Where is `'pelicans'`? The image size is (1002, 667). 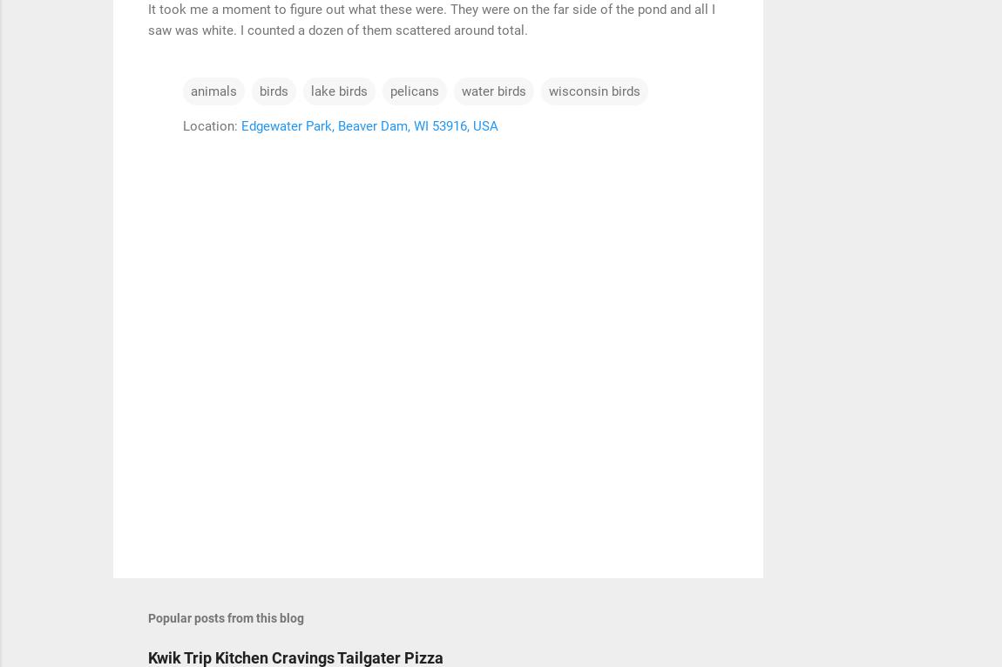
'pelicans' is located at coordinates (414, 90).